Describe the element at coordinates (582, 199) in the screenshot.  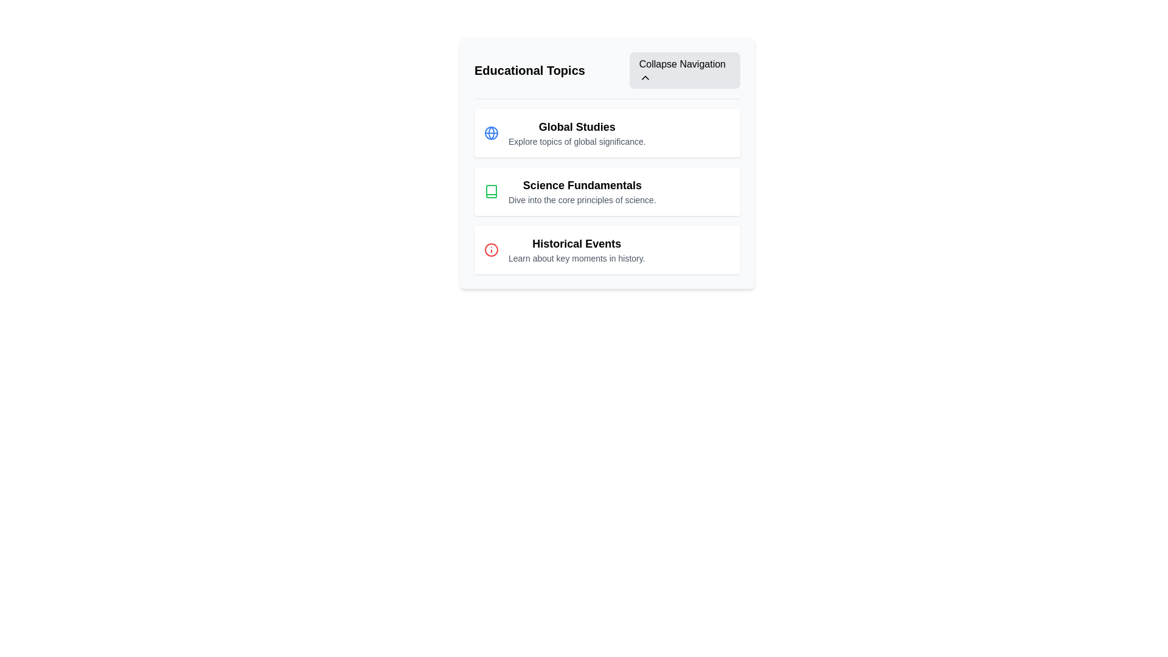
I see `the text label reading 'Dive into the core principles of science.' to potentially reveal additional information` at that location.